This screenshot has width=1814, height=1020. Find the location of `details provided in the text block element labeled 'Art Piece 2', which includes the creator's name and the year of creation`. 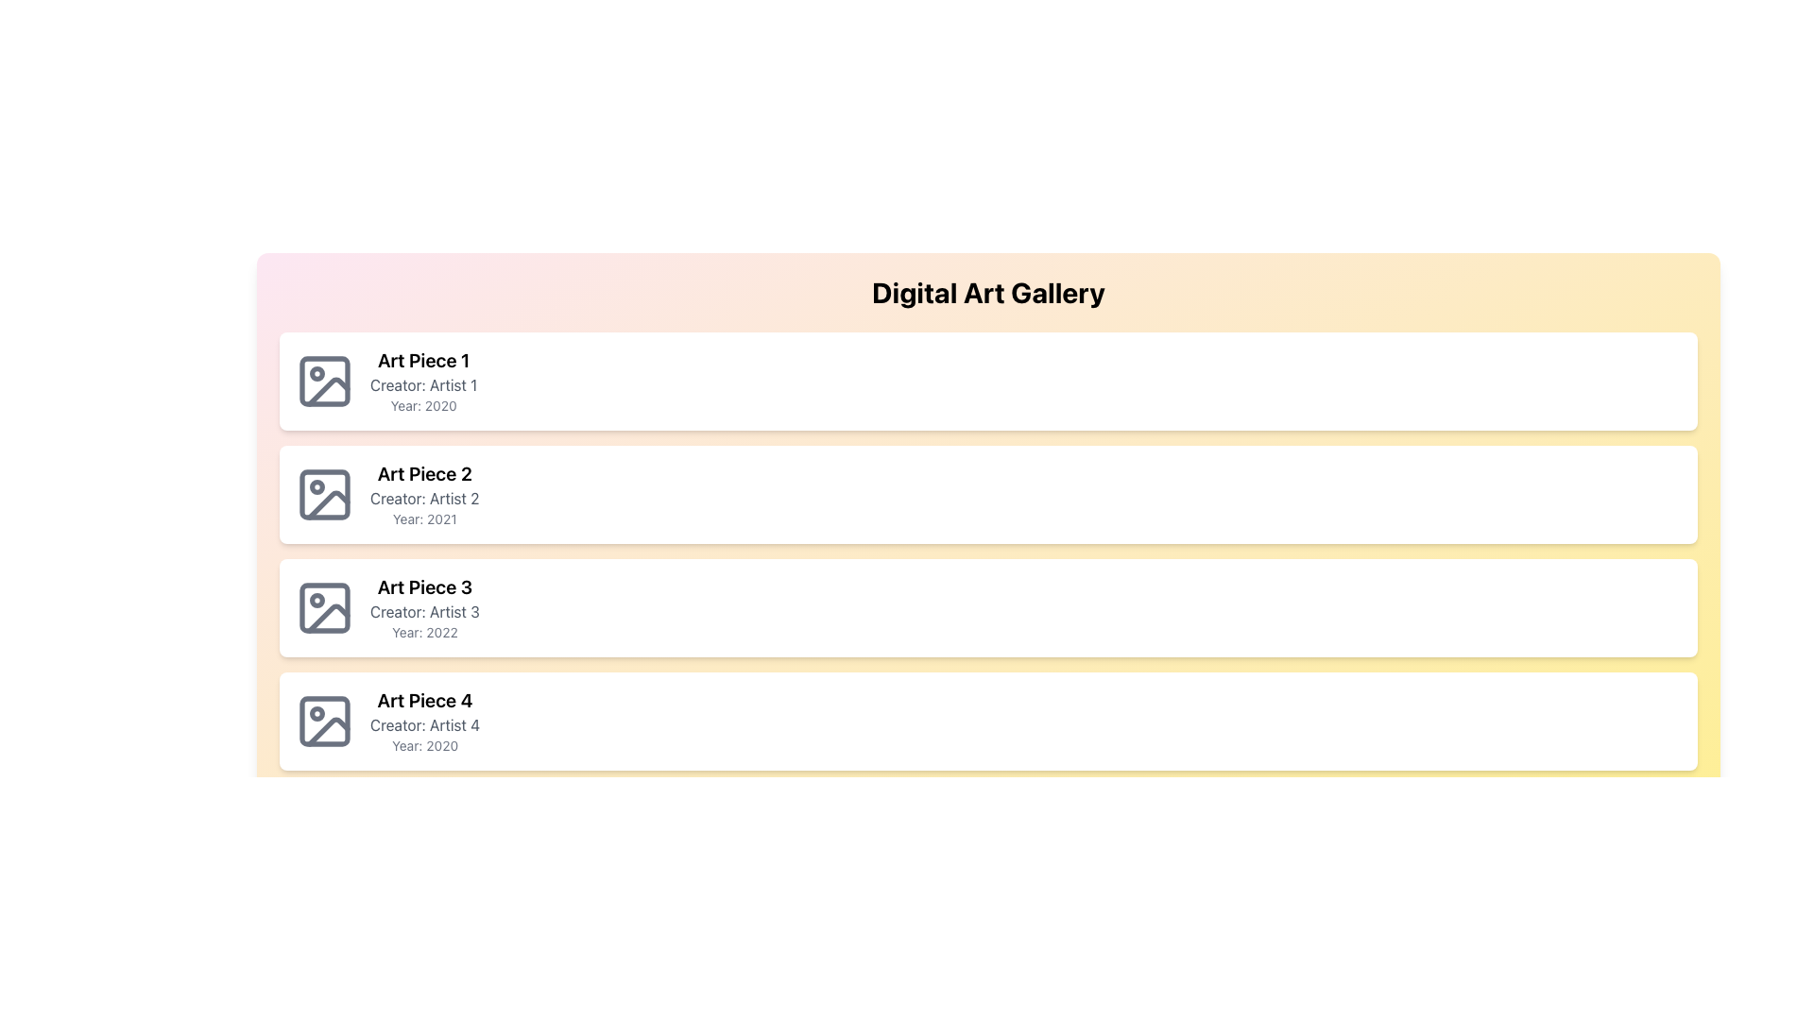

details provided in the text block element labeled 'Art Piece 2', which includes the creator's name and the year of creation is located at coordinates (423, 494).